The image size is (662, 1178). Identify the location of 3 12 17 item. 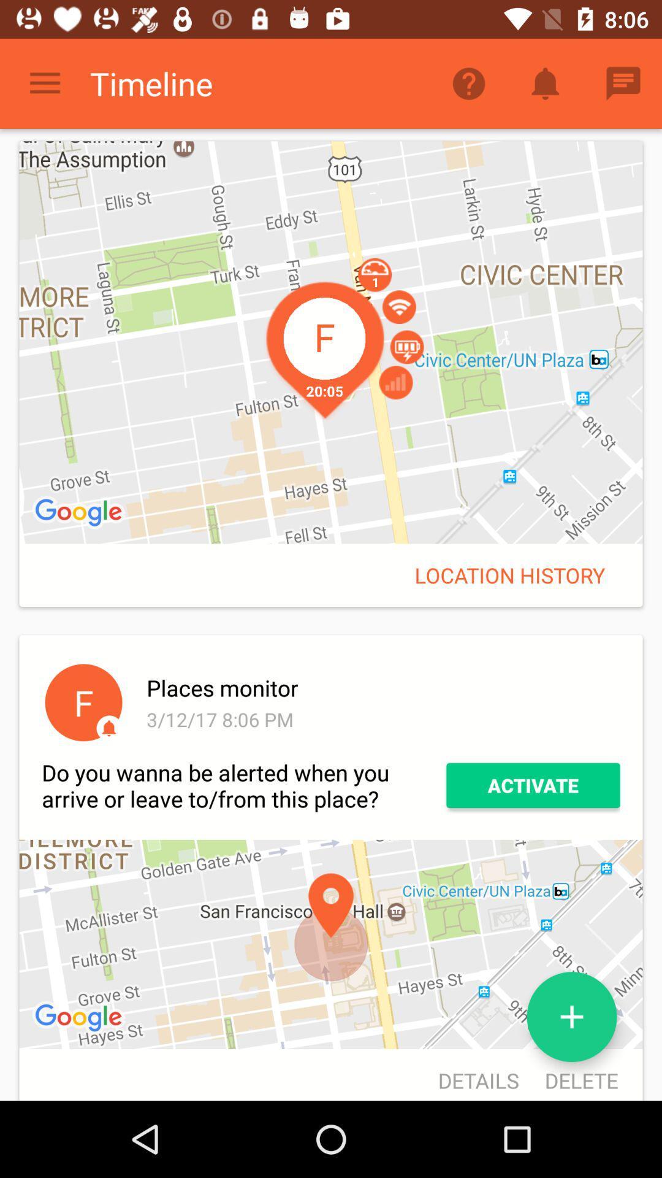
(381, 719).